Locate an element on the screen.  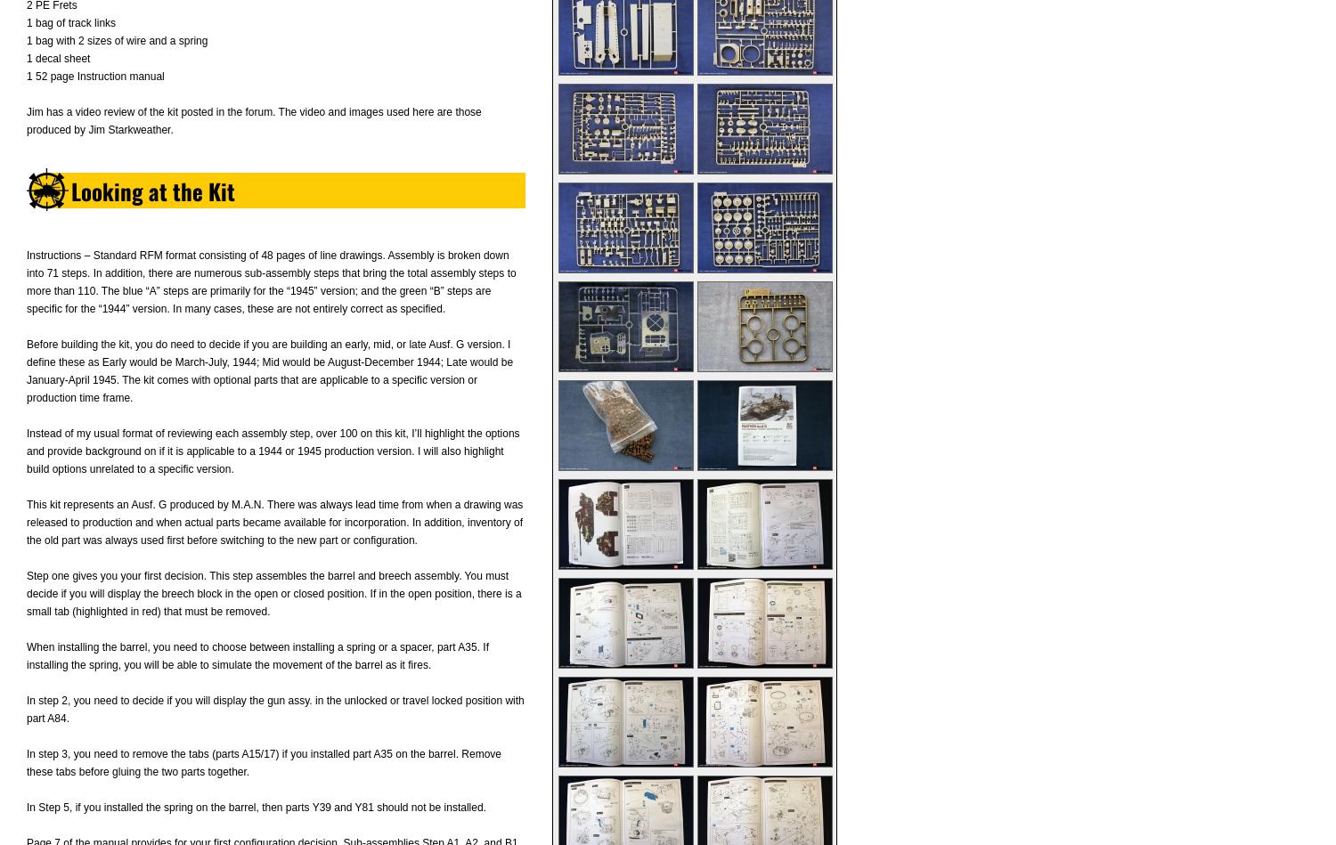
'1 52 page Instruction manual' is located at coordinates (94, 76).